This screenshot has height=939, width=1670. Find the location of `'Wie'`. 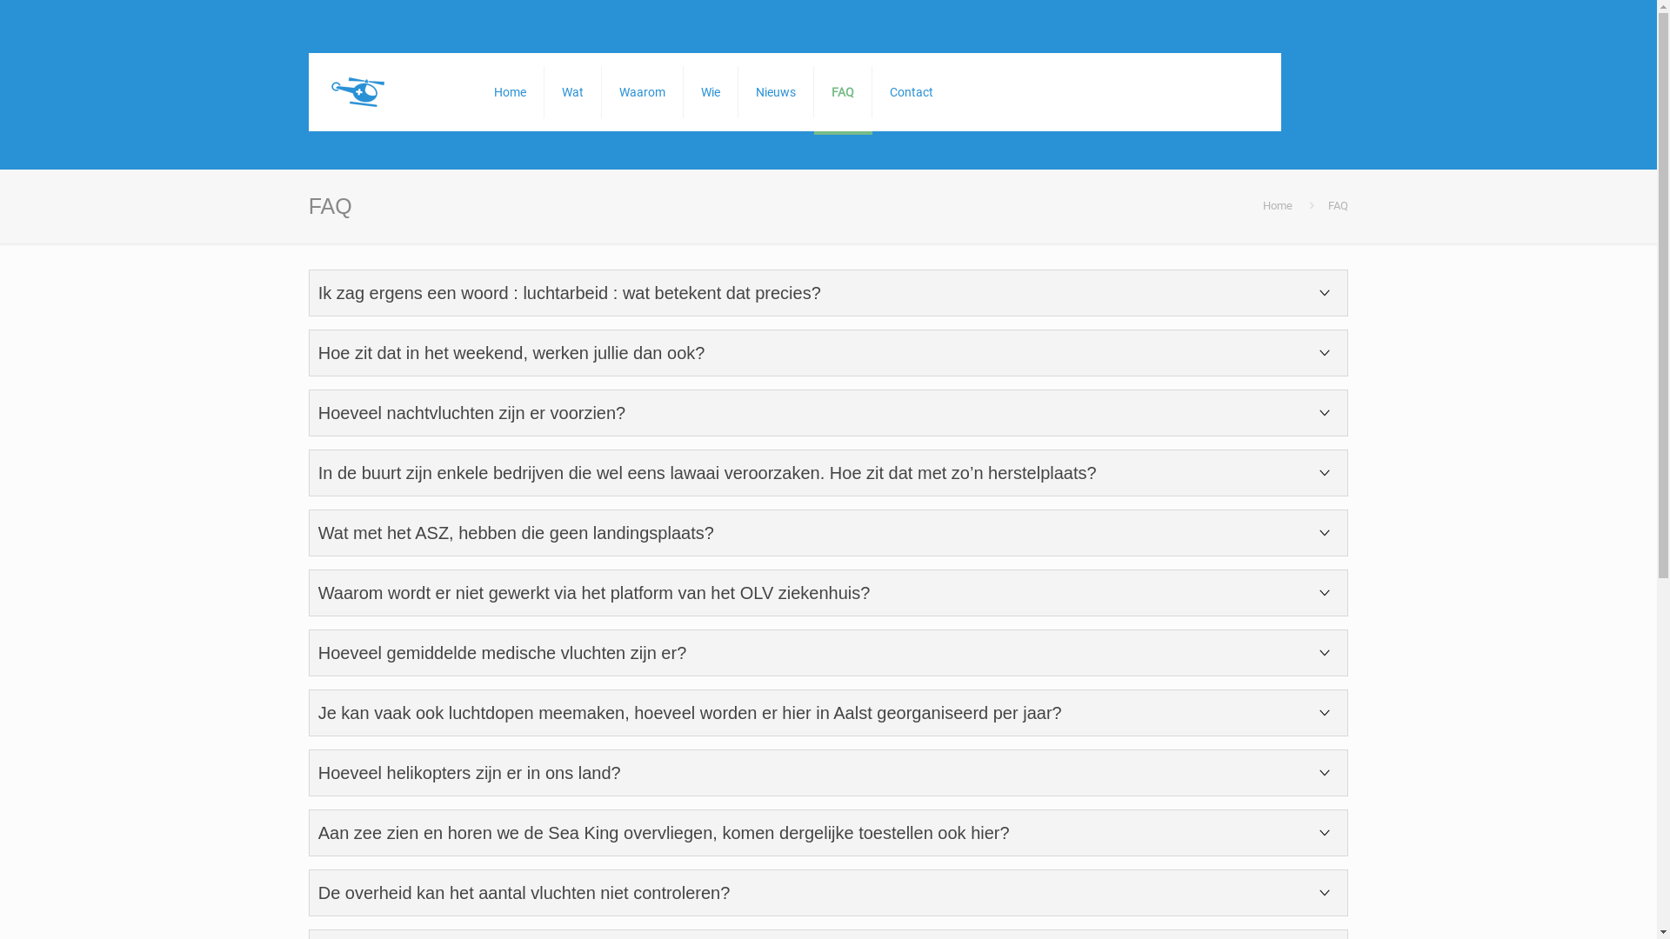

'Wie' is located at coordinates (711, 91).